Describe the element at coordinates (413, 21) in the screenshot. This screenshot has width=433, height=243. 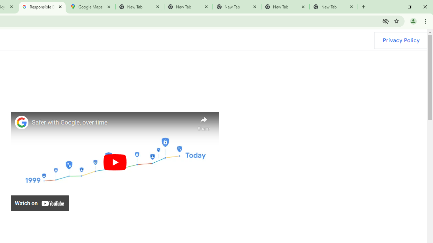
I see `'You'` at that location.